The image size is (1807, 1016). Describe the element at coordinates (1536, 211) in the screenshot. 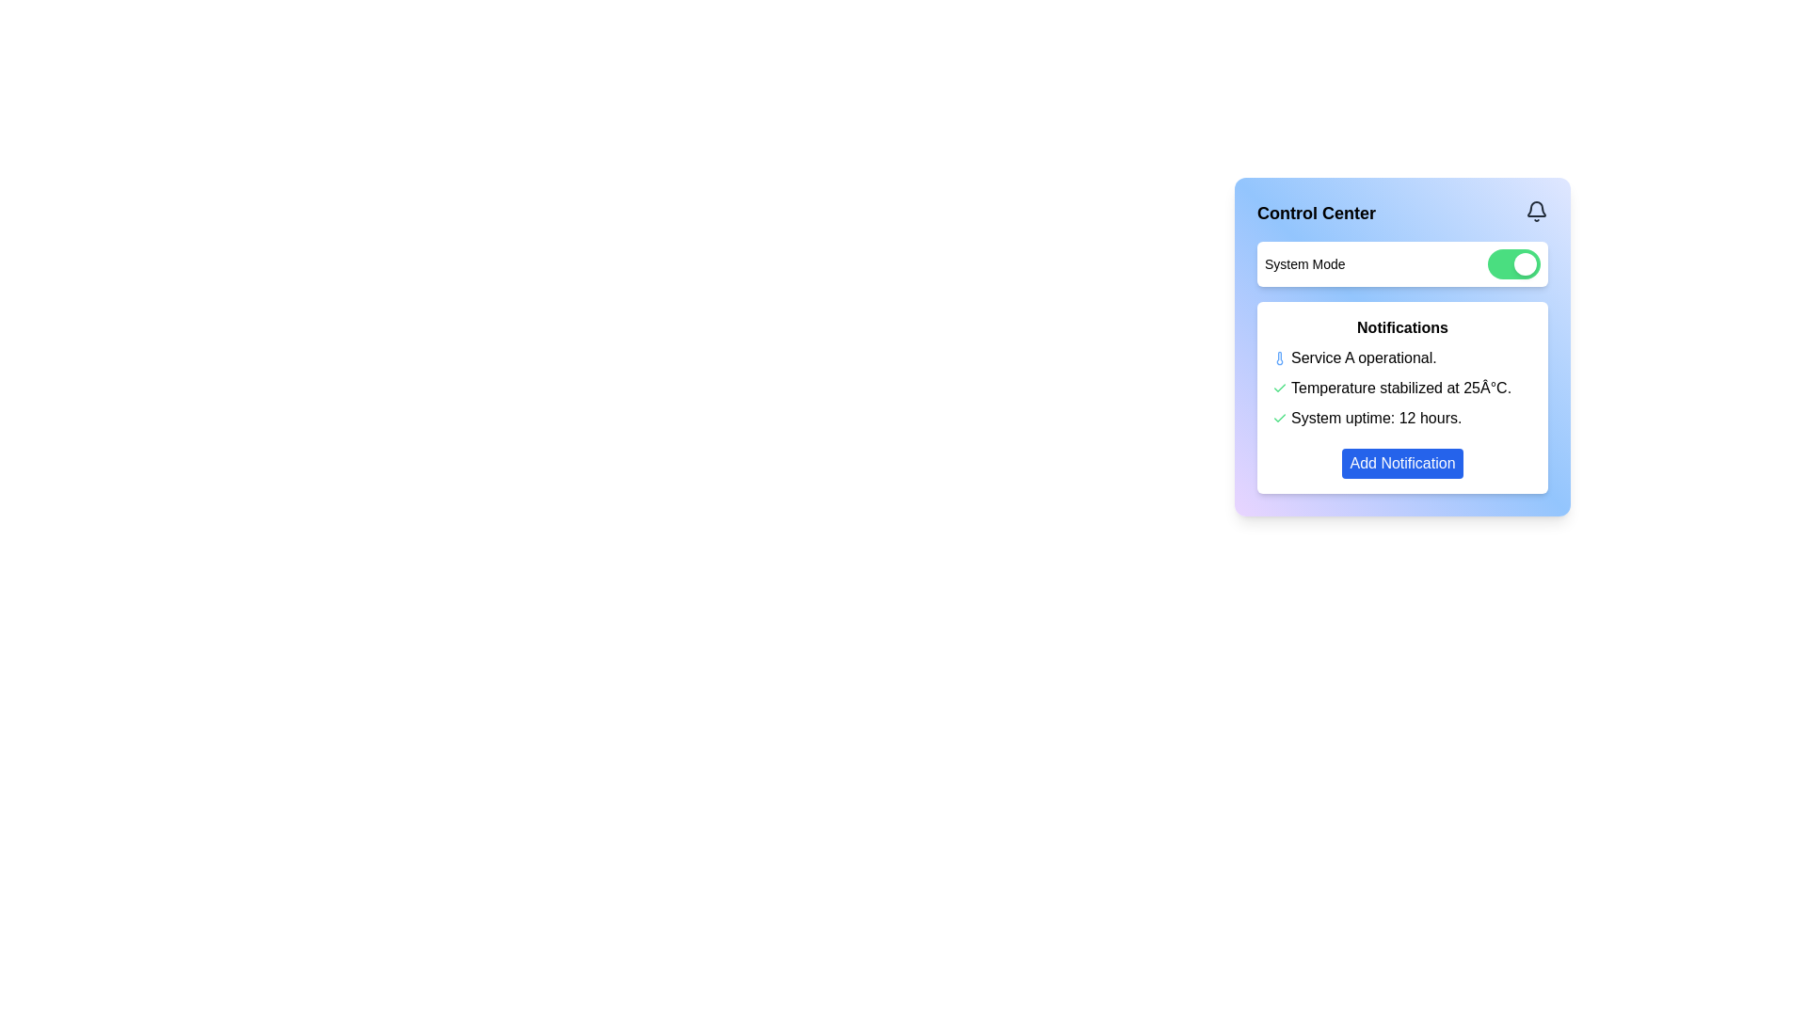

I see `the notification bell icon located at the top-right corner of the 'Control Center' header section` at that location.